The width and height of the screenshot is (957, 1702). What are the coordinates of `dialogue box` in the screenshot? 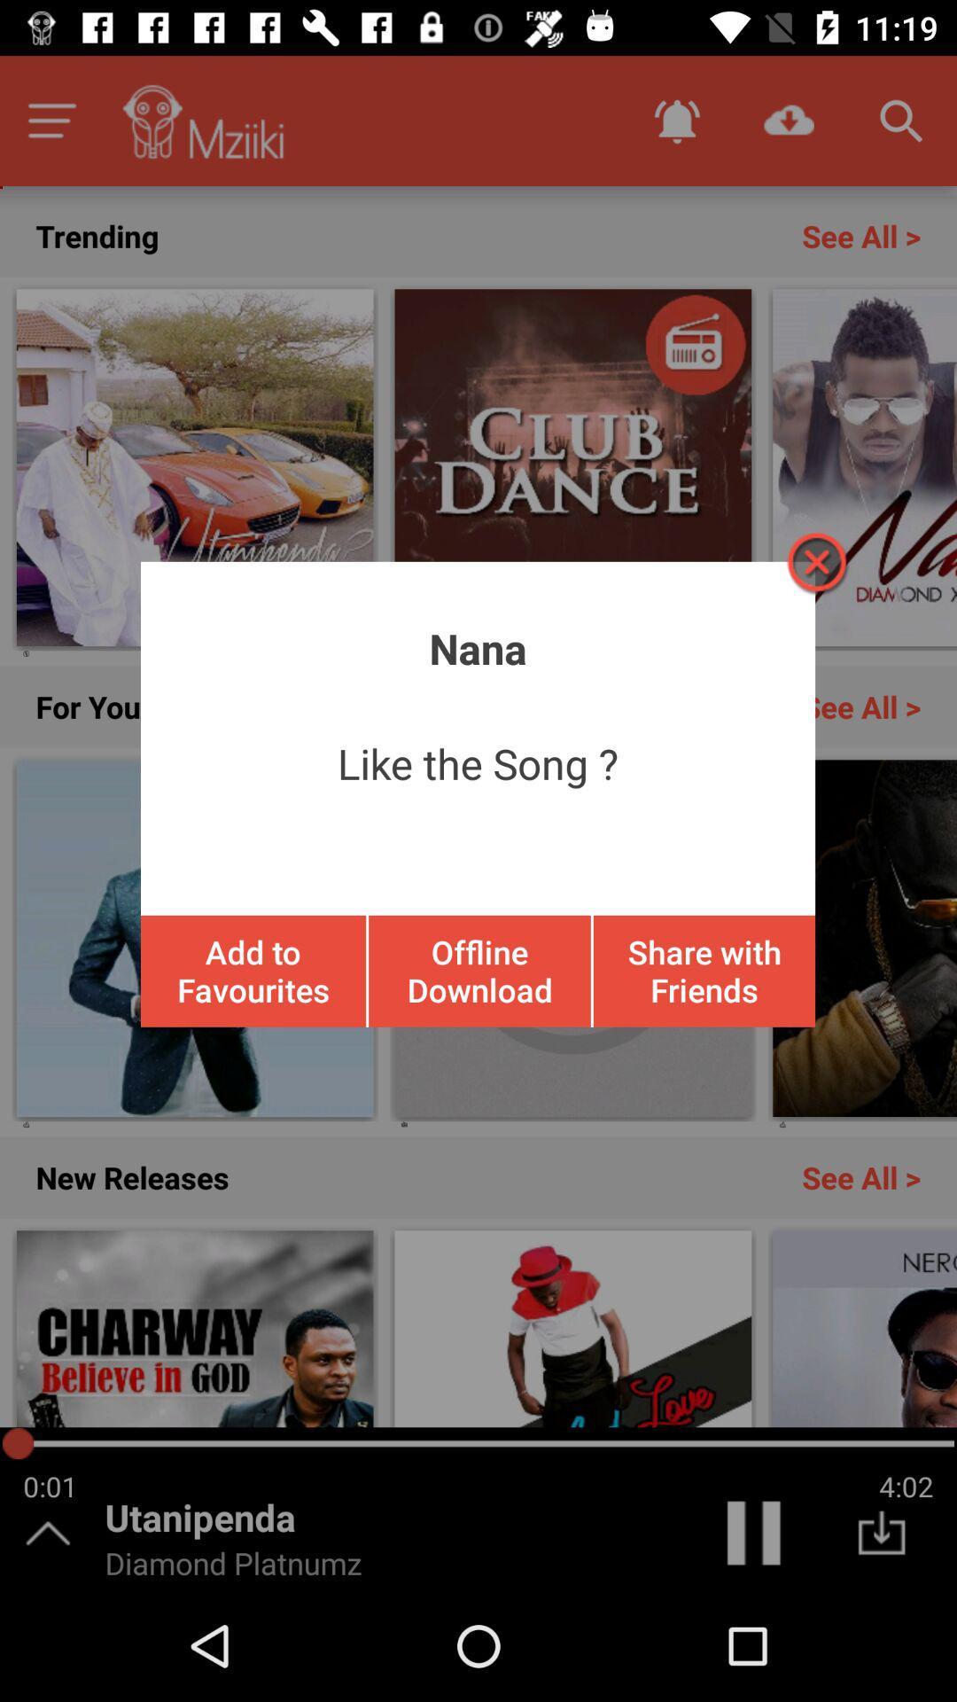 It's located at (815, 561).